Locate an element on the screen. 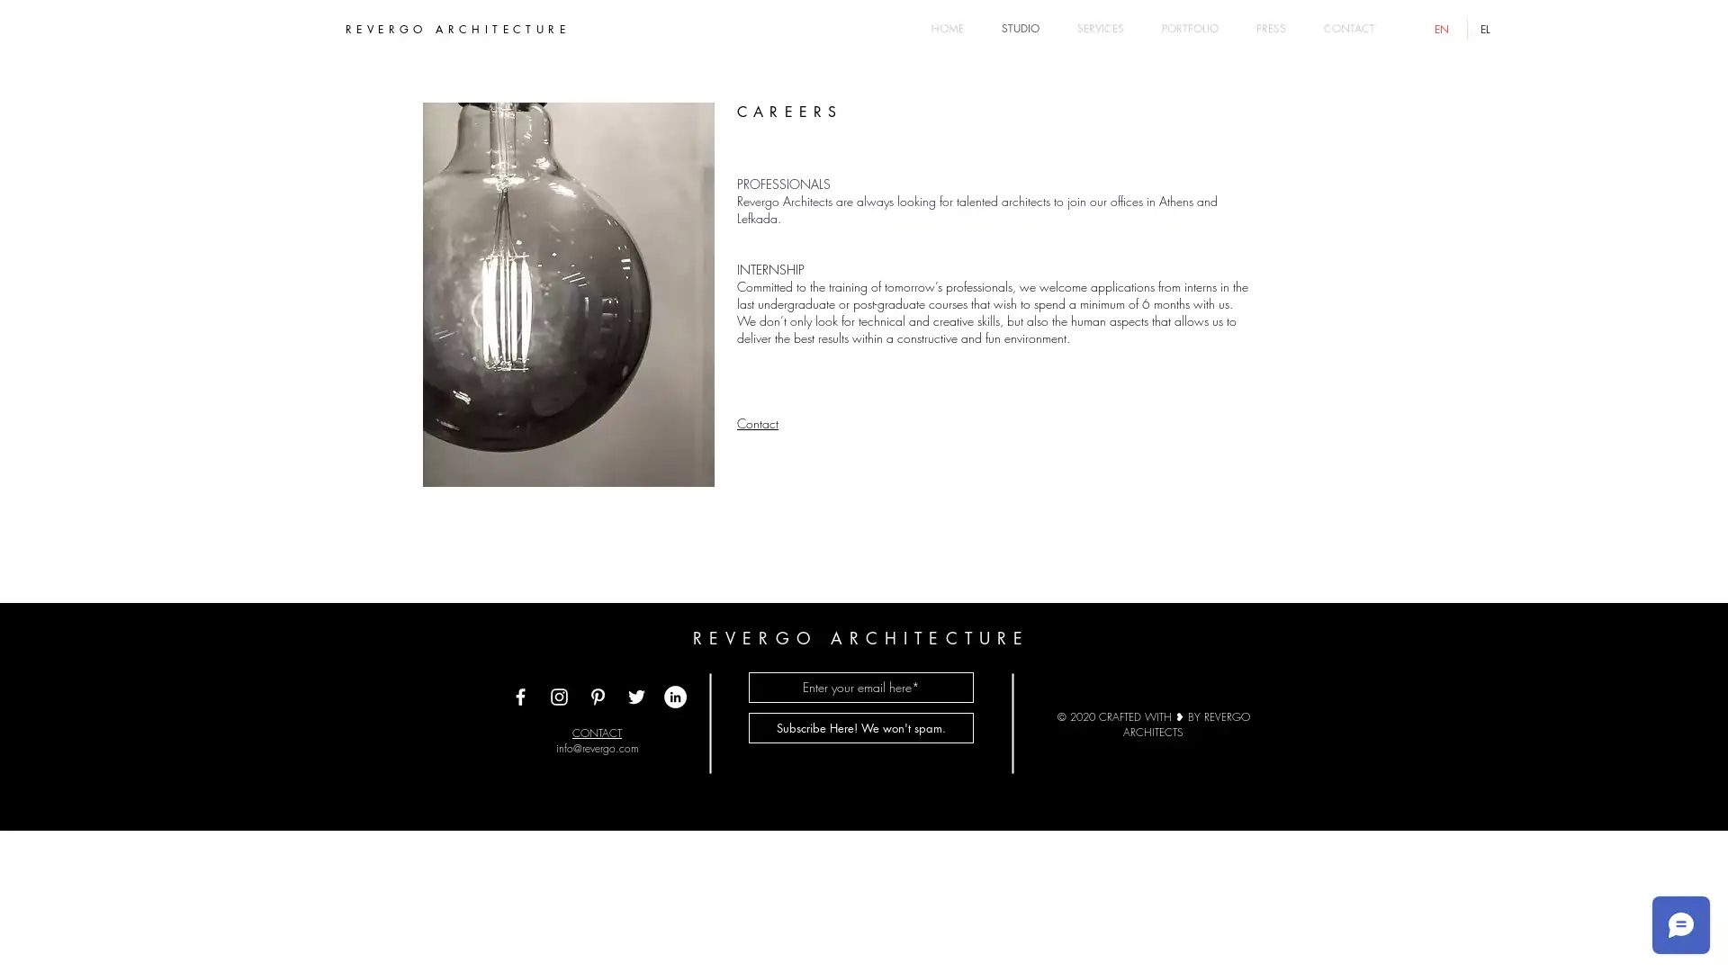 The width and height of the screenshot is (1728, 972). Subscribe Here! We won't spam. is located at coordinates (859, 727).